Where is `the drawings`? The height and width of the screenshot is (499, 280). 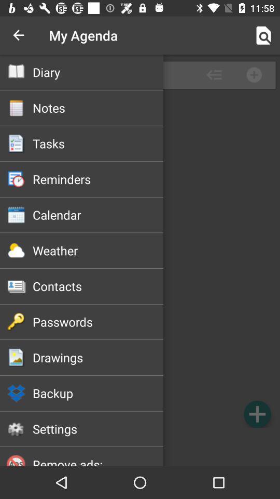 the drawings is located at coordinates (98, 357).